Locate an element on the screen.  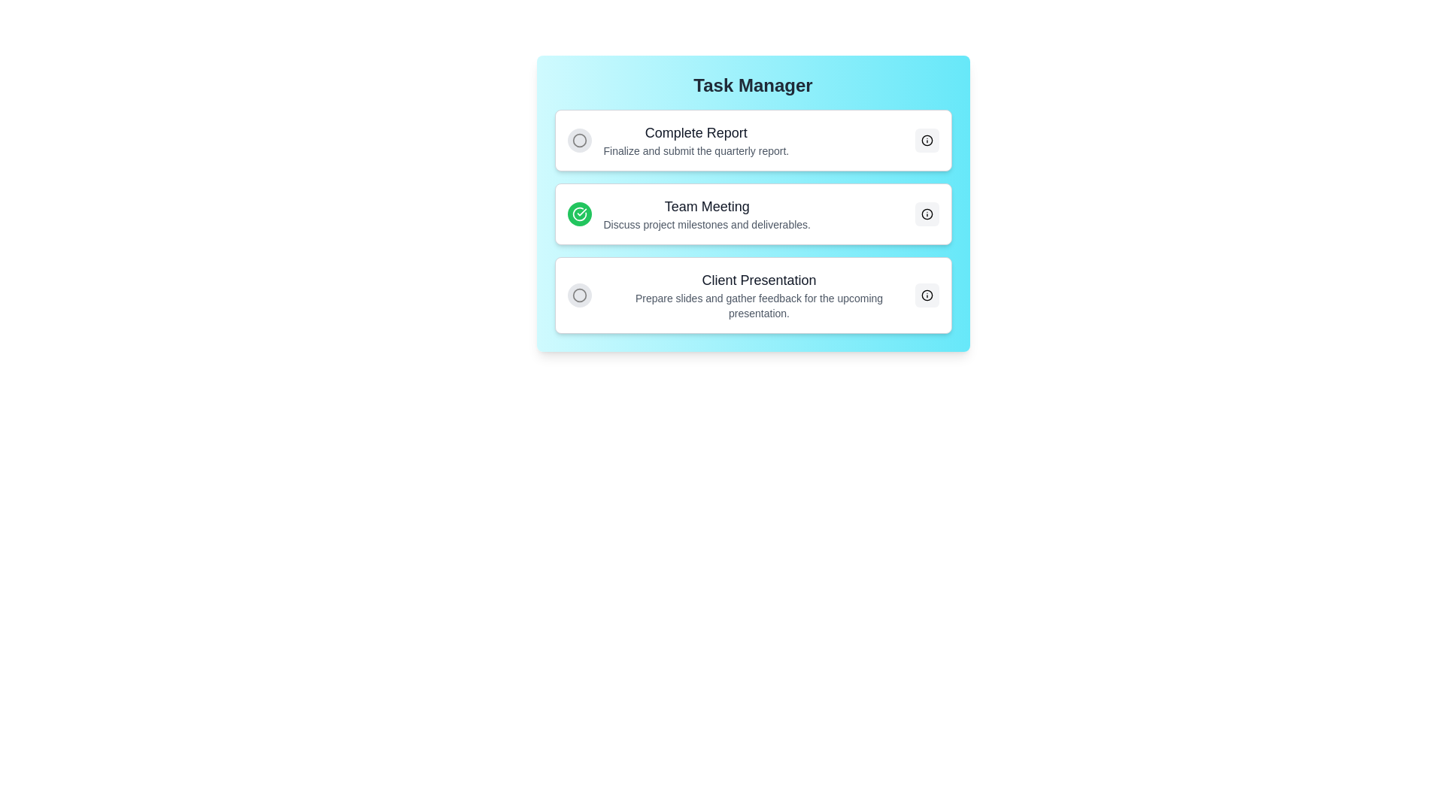
the text element displaying 'Team Meeting' in bold, dark gray font, which is positioned above the description 'Discuss project milestones and deliverables' within the second task card is located at coordinates (706, 206).